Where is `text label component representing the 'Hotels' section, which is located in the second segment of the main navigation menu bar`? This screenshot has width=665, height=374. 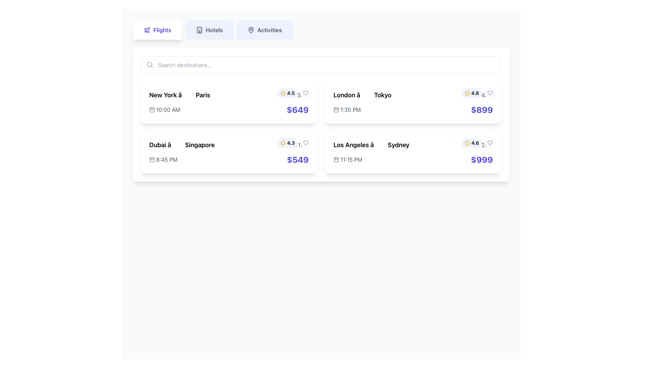 text label component representing the 'Hotels' section, which is located in the second segment of the main navigation menu bar is located at coordinates (214, 30).